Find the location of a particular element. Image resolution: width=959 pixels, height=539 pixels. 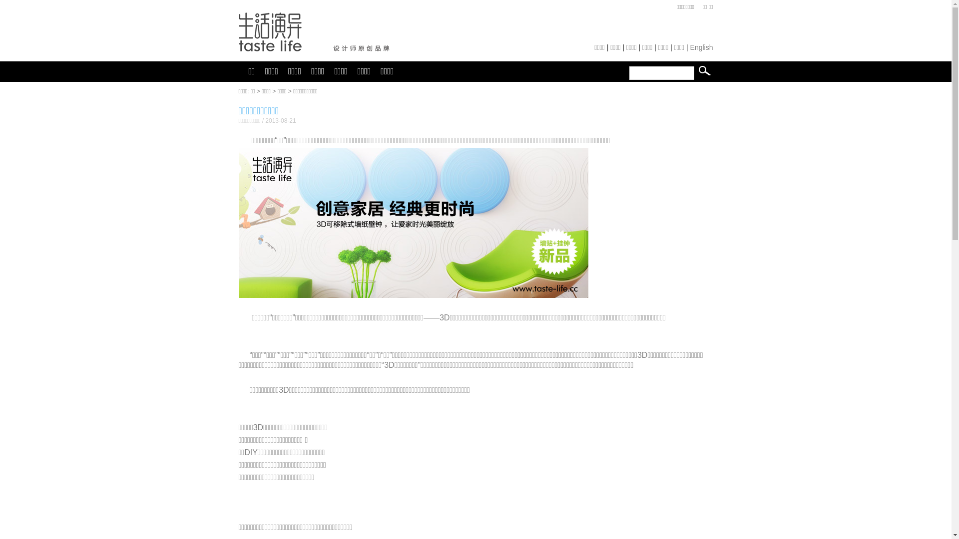

'English' is located at coordinates (690, 47).